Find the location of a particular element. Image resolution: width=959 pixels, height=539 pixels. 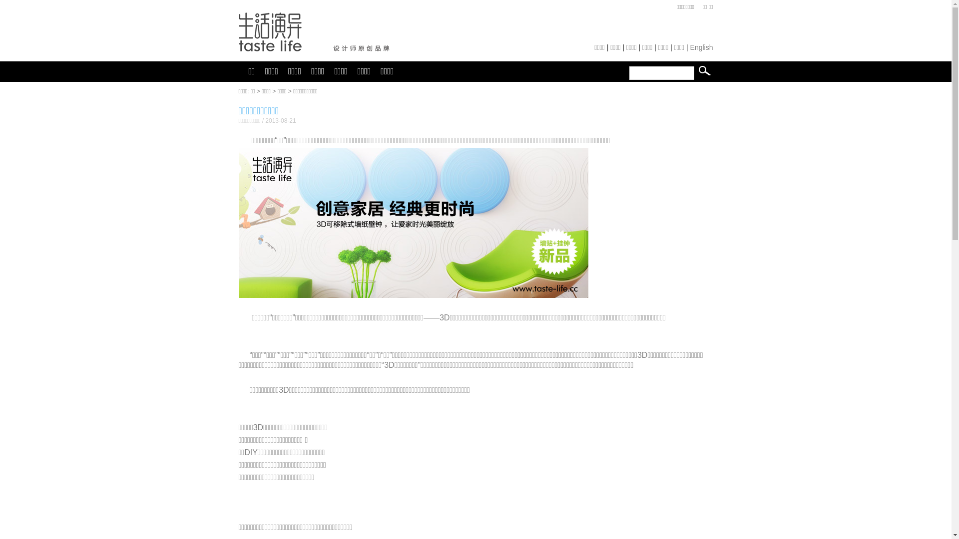

'English' is located at coordinates (690, 47).